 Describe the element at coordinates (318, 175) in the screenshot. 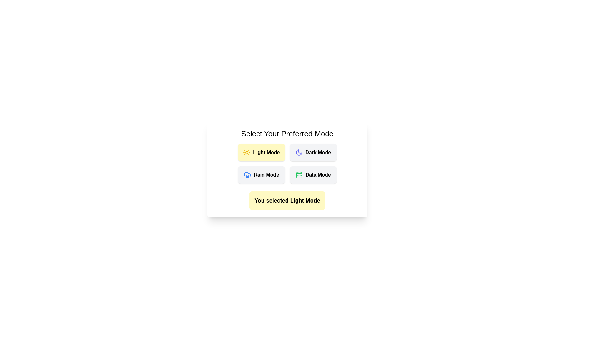

I see `text label displaying 'Data Mode', which is the fourth option in the mode selection grid located in the bottom right corner, next to a green database icon` at that location.